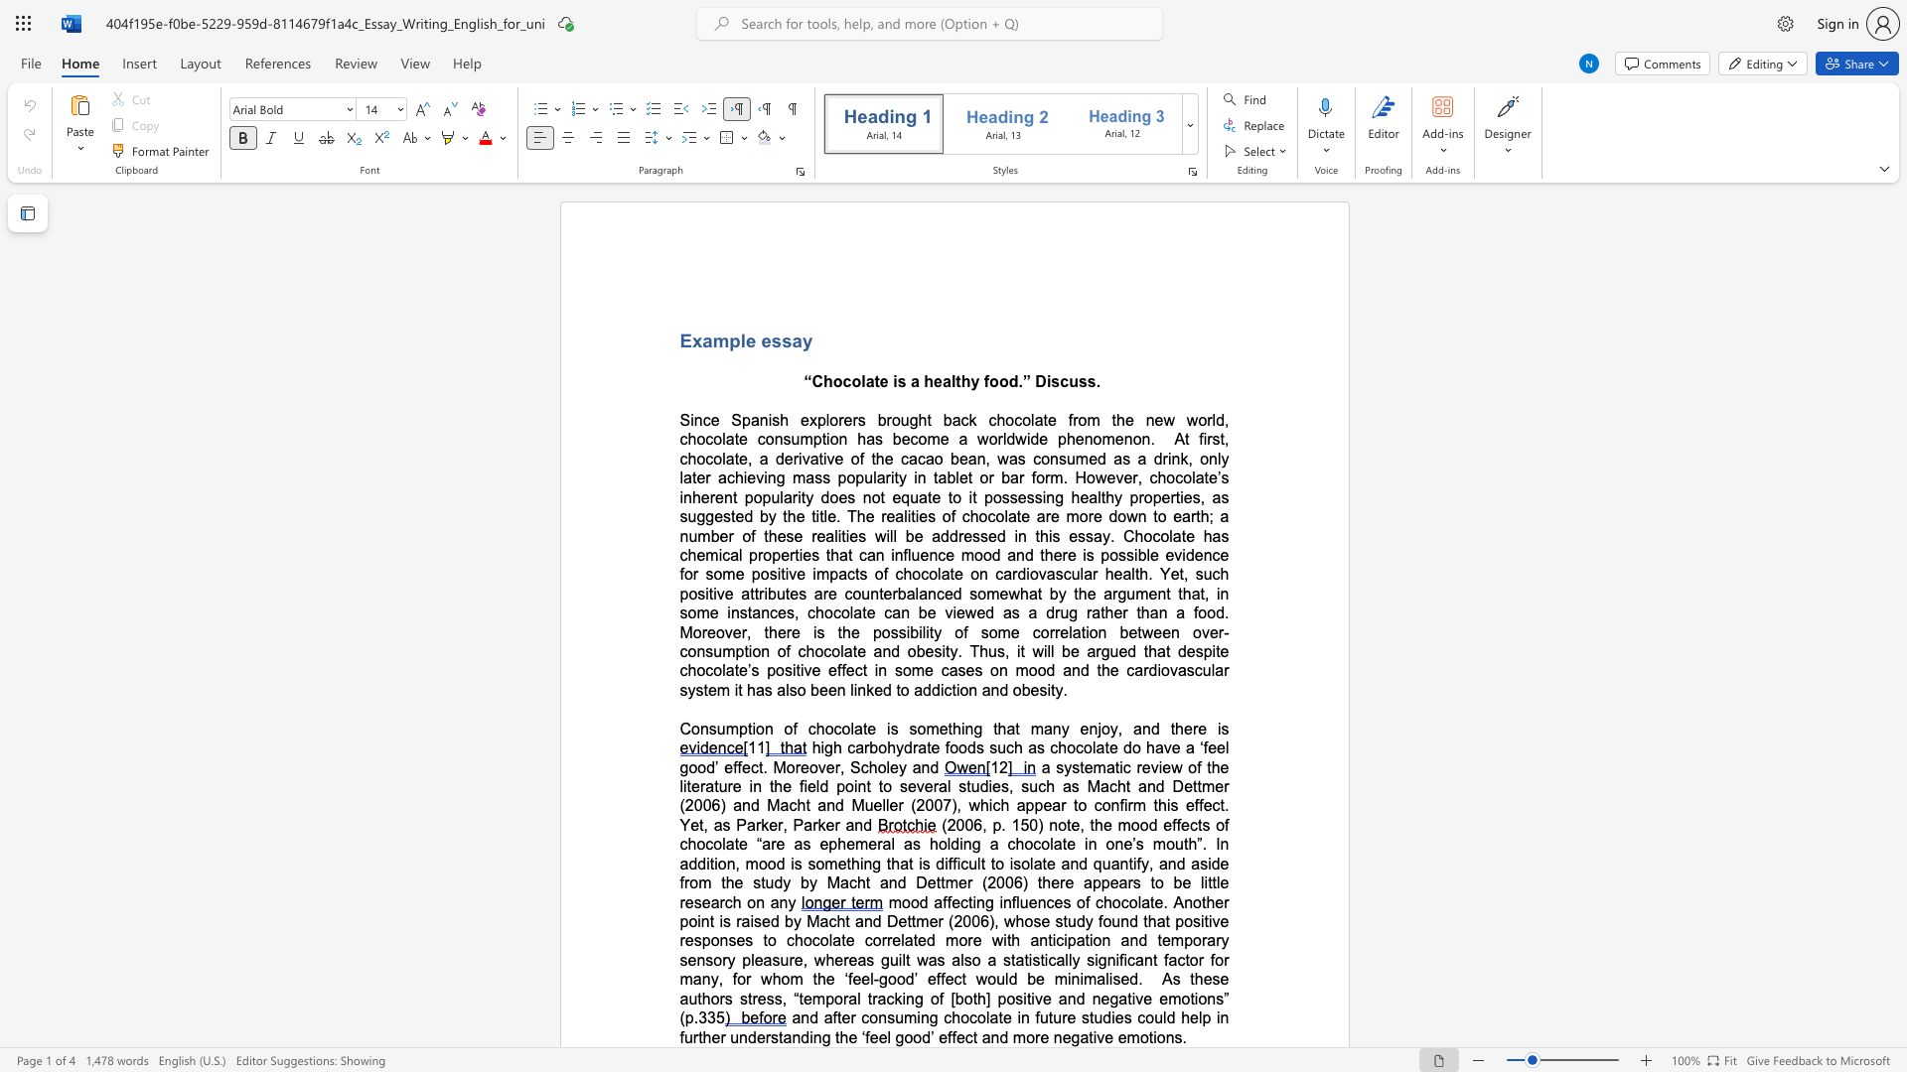  What do you see at coordinates (1068, 381) in the screenshot?
I see `the subset text "uss" within the text "“Chocolate is a healthy food.” Discuss."` at bounding box center [1068, 381].